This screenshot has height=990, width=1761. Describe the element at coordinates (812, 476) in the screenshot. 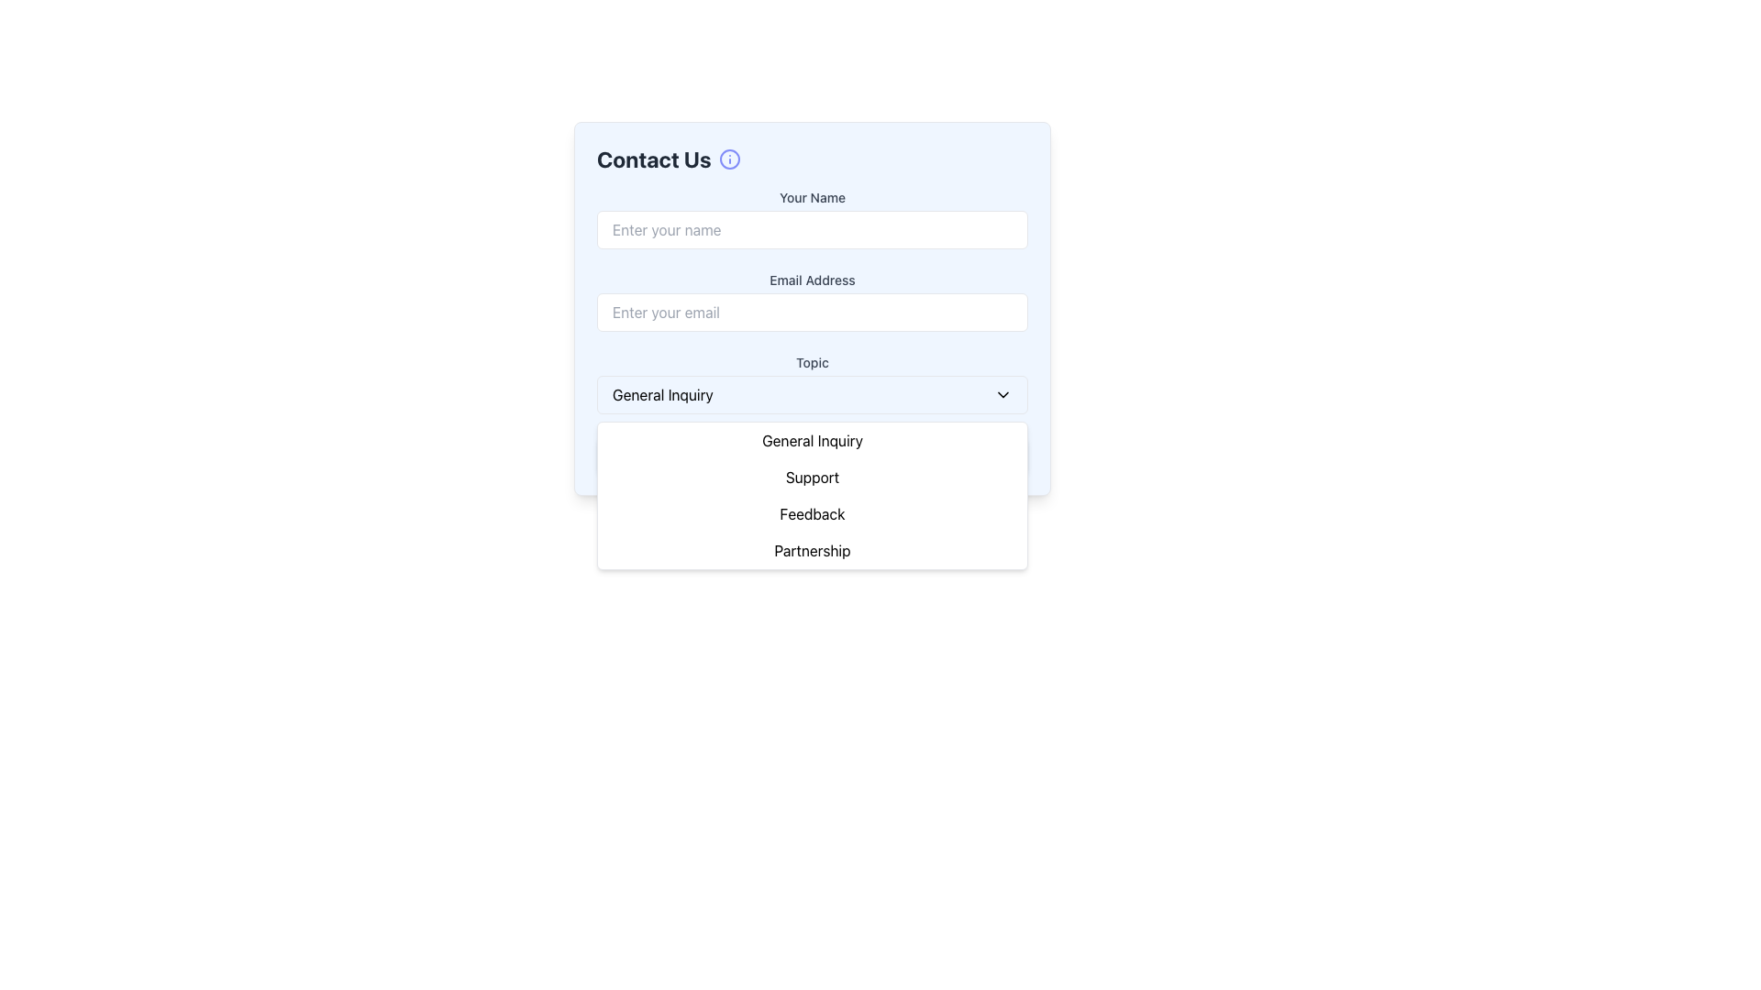

I see `the second item in the dropdown menu` at that location.